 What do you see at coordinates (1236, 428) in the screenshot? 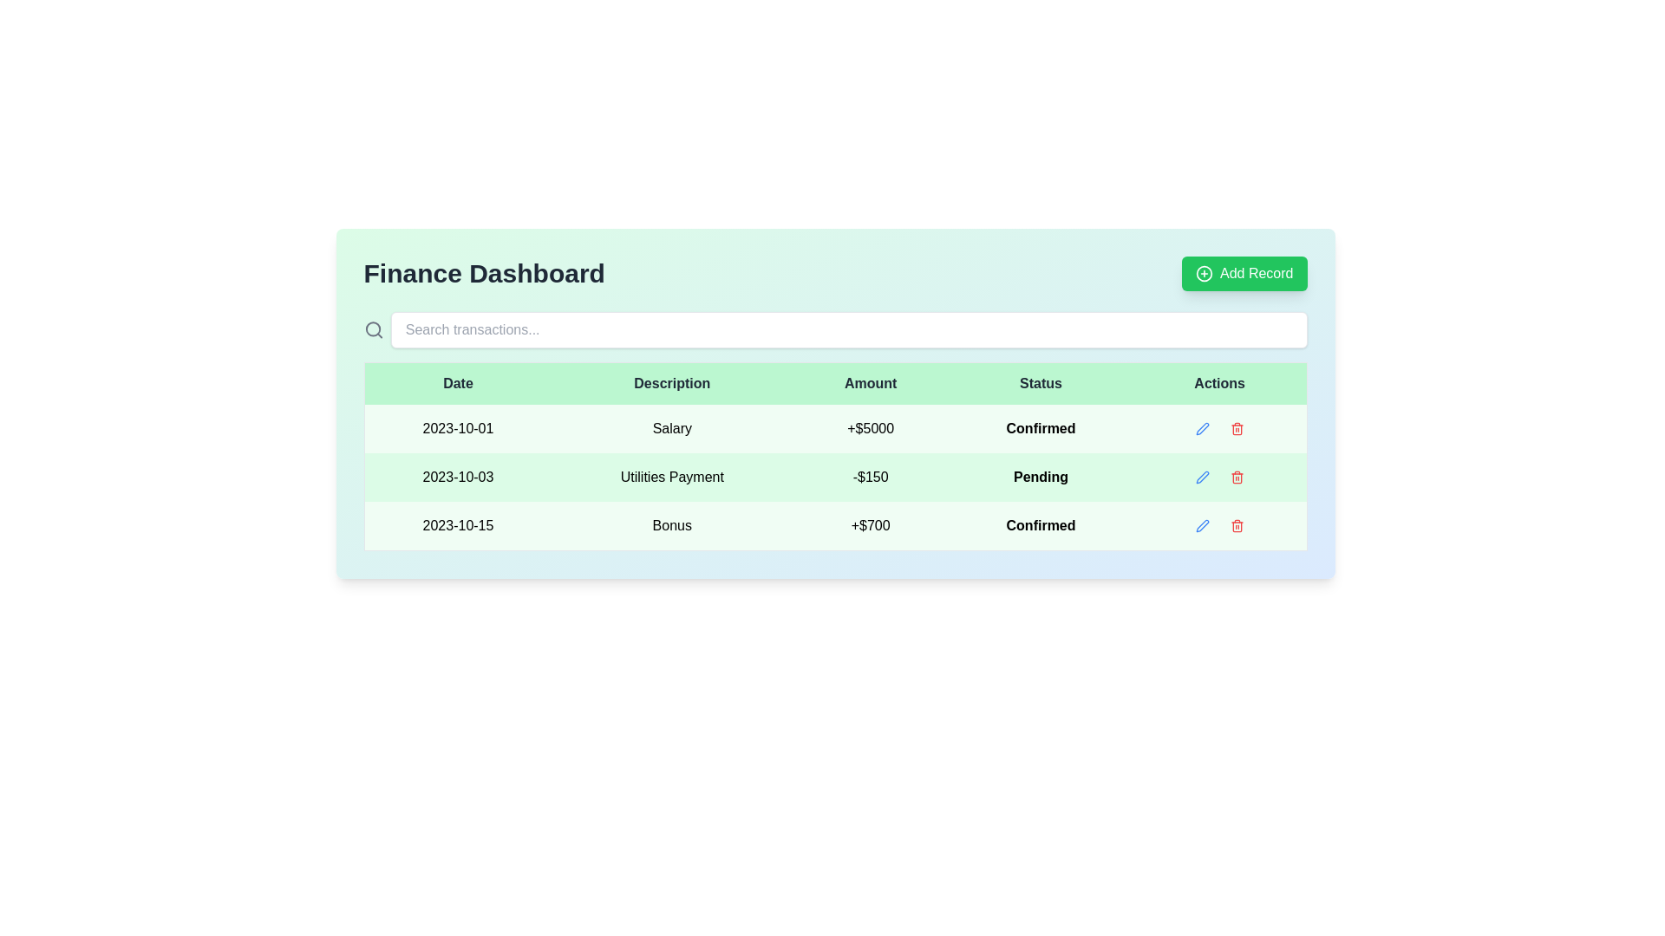
I see `the red trash can button in the 'Actions' column of the row for '2023-10-01'` at bounding box center [1236, 428].